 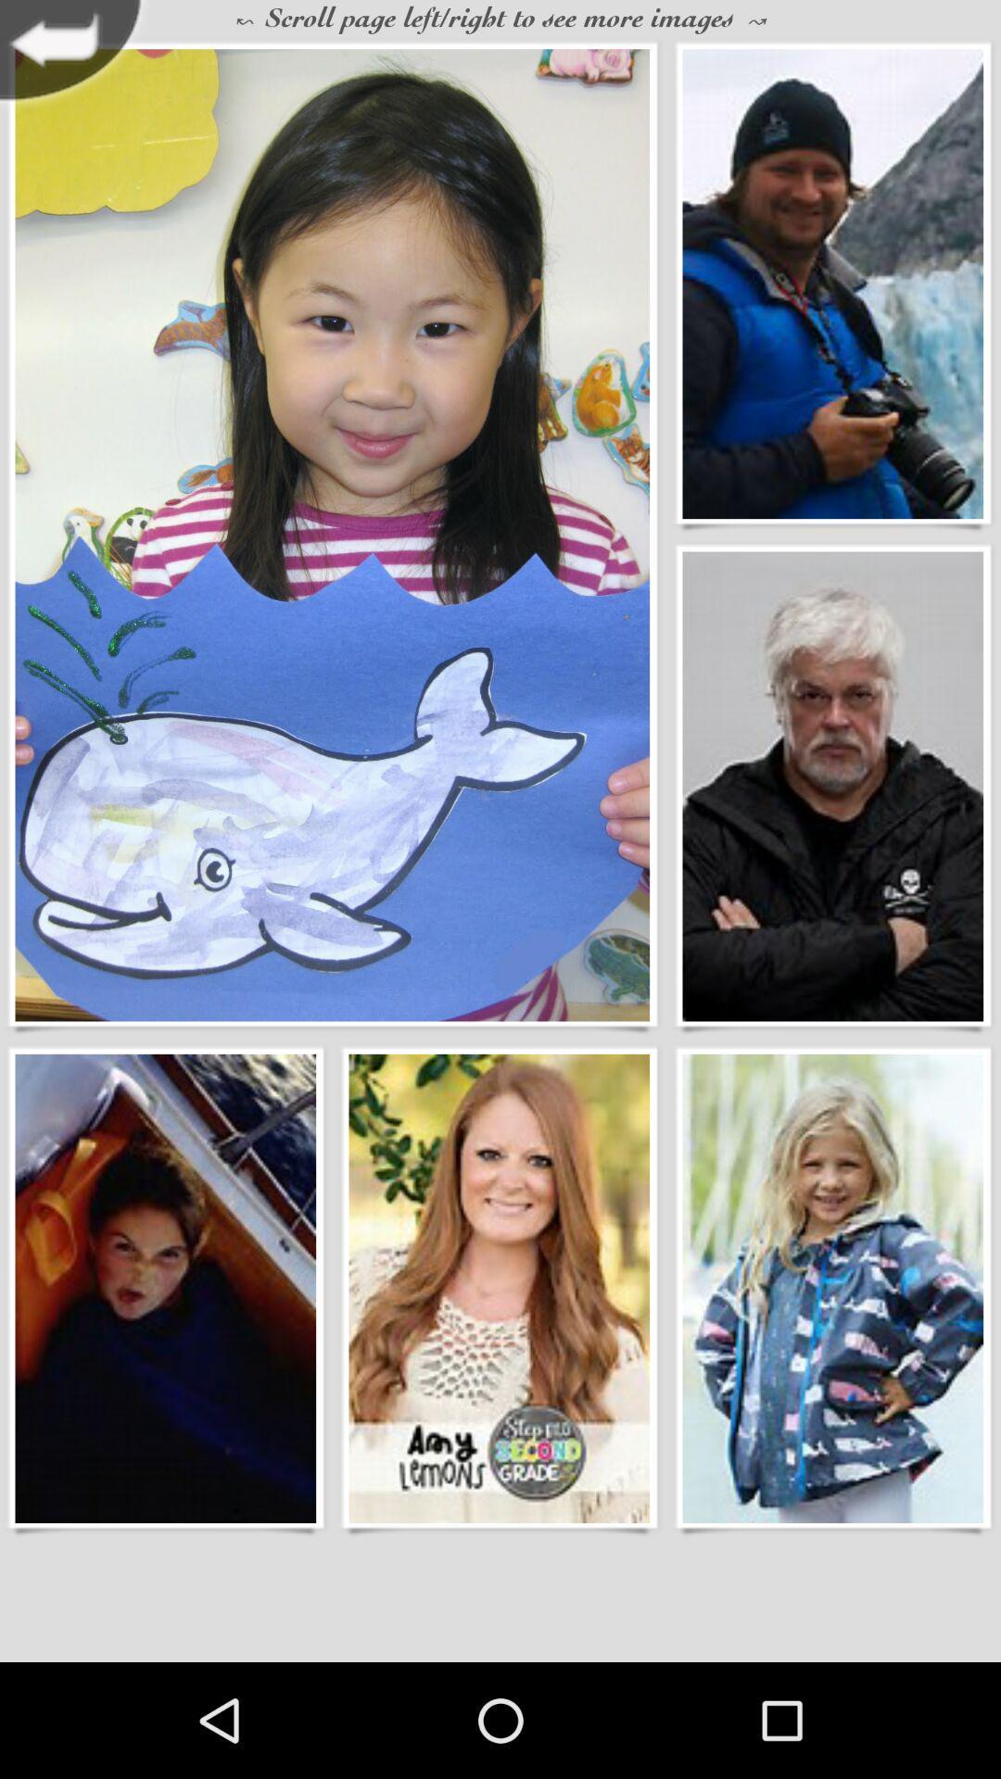 What do you see at coordinates (831, 1287) in the screenshot?
I see `the image of the small girl` at bounding box center [831, 1287].